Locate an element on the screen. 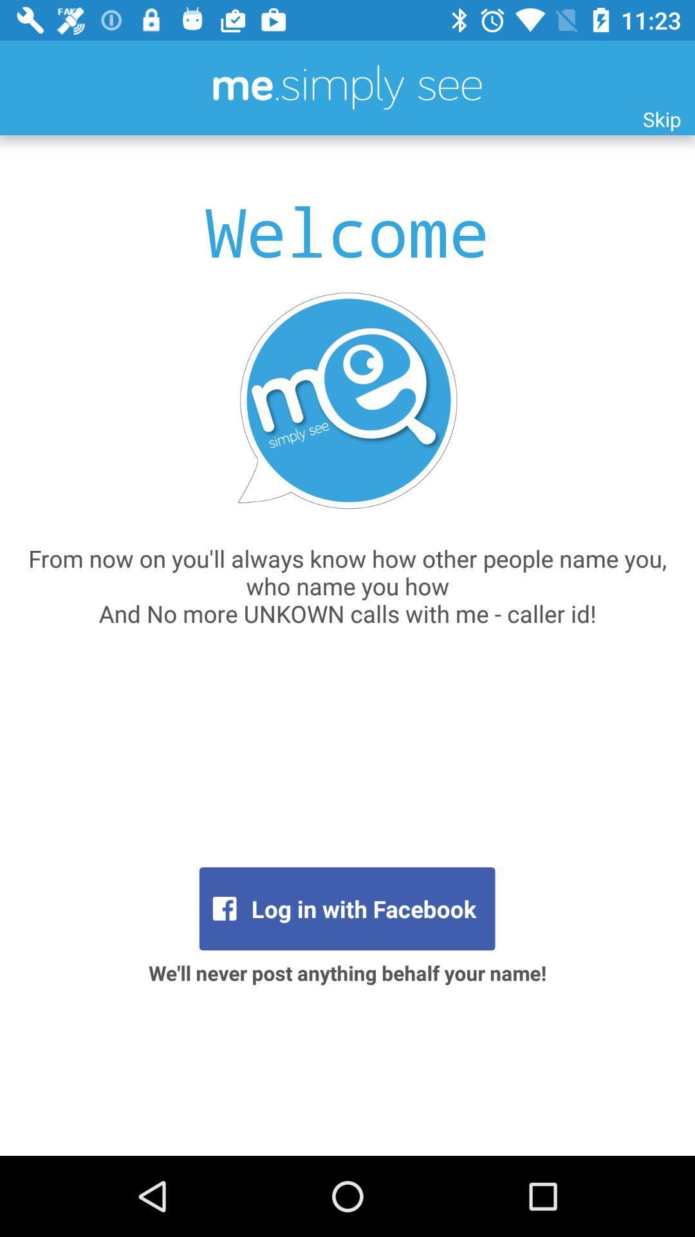 The width and height of the screenshot is (695, 1237). the item at the top right corner is located at coordinates (662, 119).